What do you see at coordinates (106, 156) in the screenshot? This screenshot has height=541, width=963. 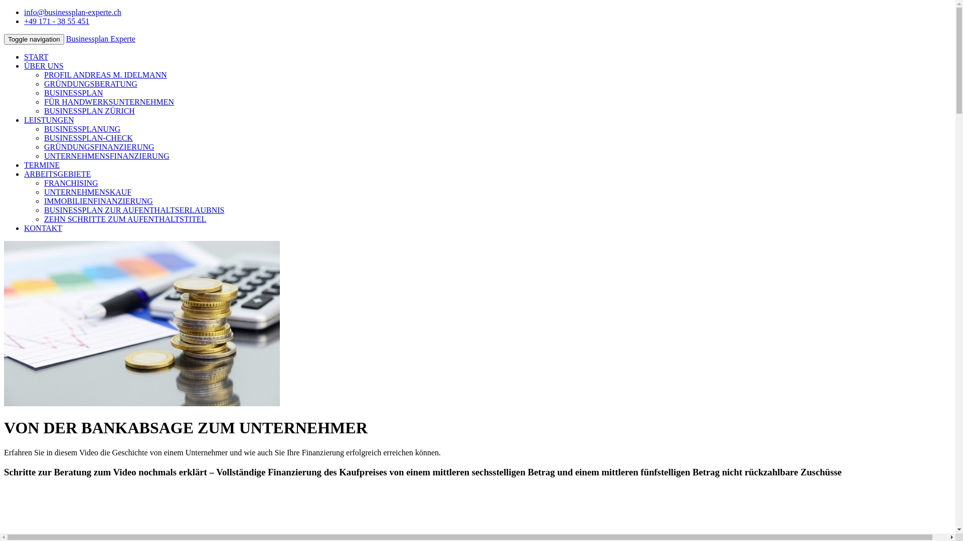 I see `'UNTERNEHMENSFINANZIERUNG'` at bounding box center [106, 156].